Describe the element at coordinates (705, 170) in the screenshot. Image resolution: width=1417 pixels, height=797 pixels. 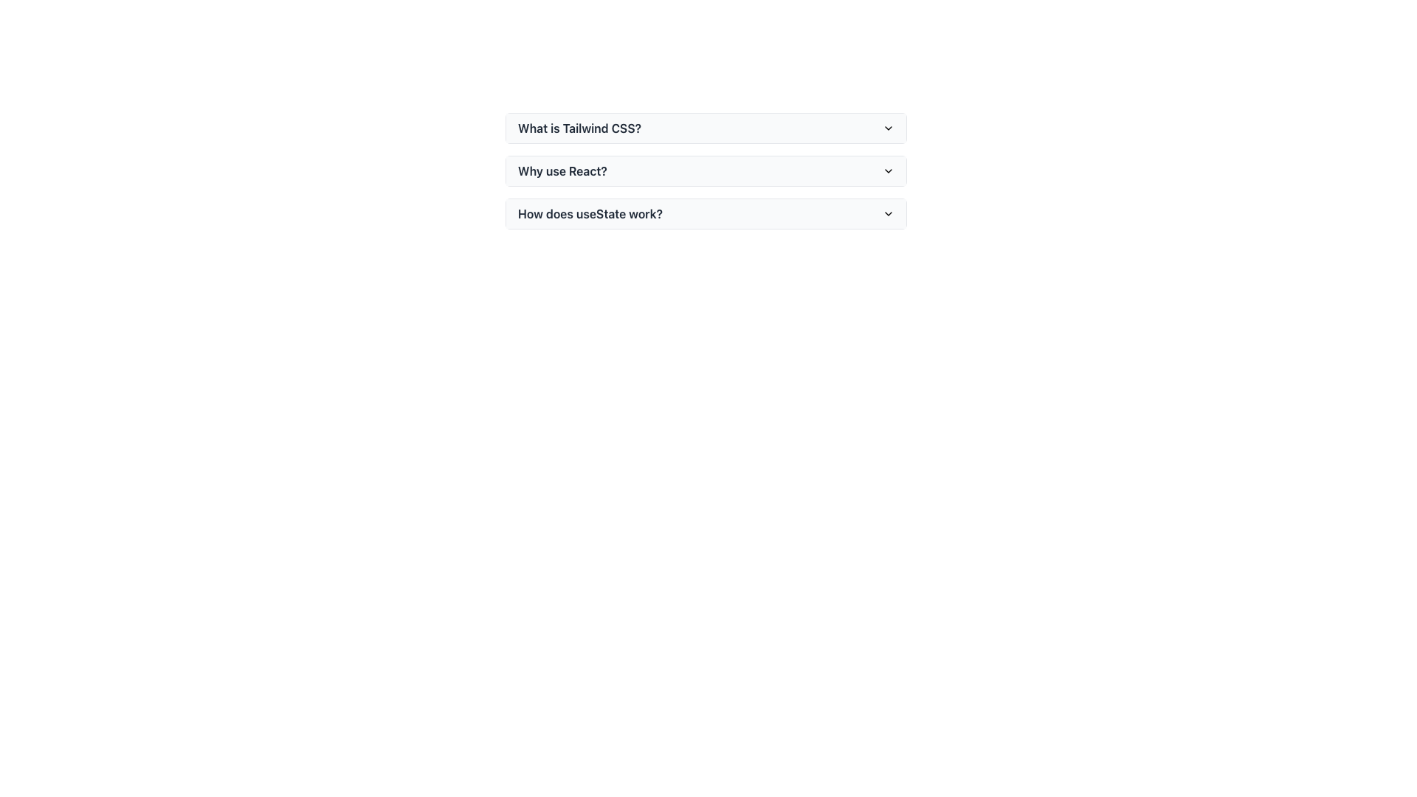
I see `the 'Why use React?' collapsible list item` at that location.